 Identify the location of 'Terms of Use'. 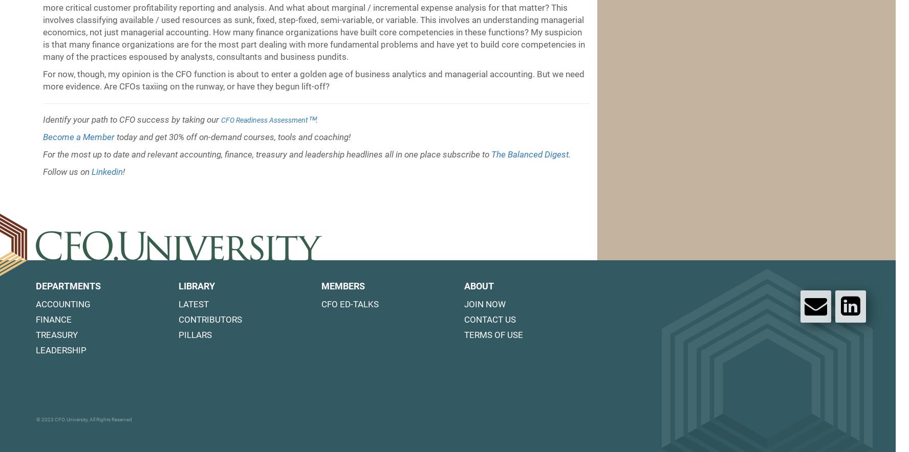
(493, 333).